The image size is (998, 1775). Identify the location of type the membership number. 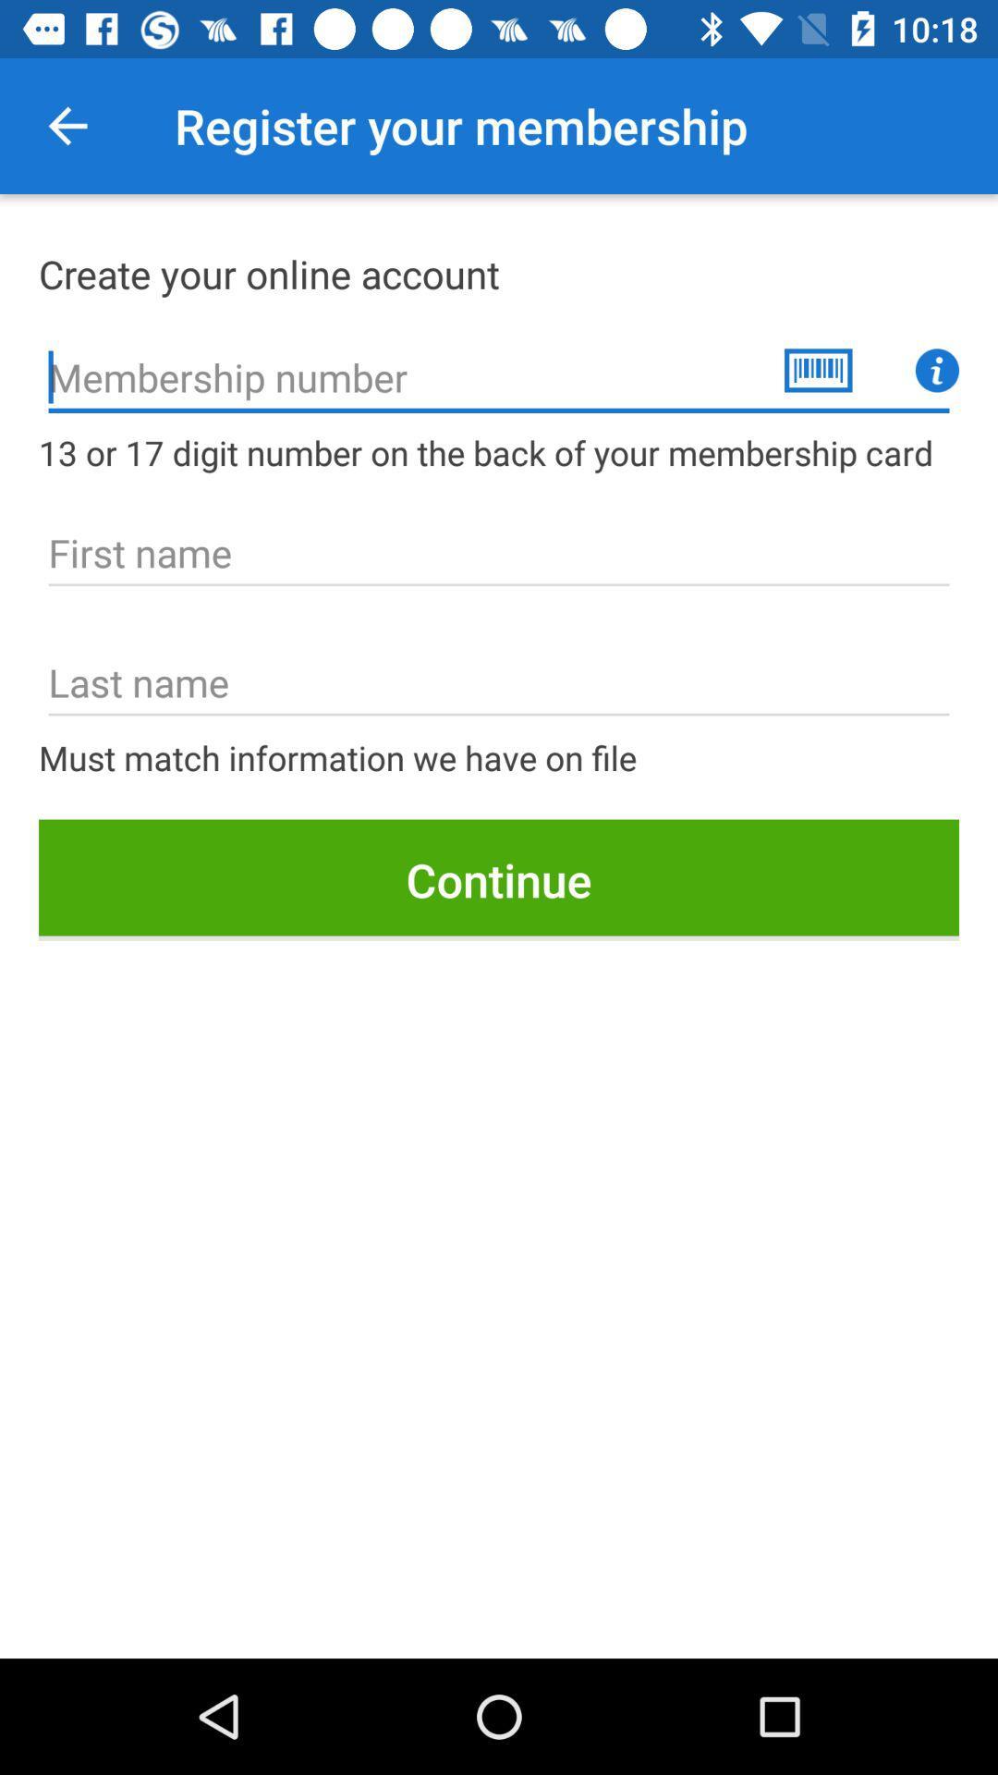
(67, 125).